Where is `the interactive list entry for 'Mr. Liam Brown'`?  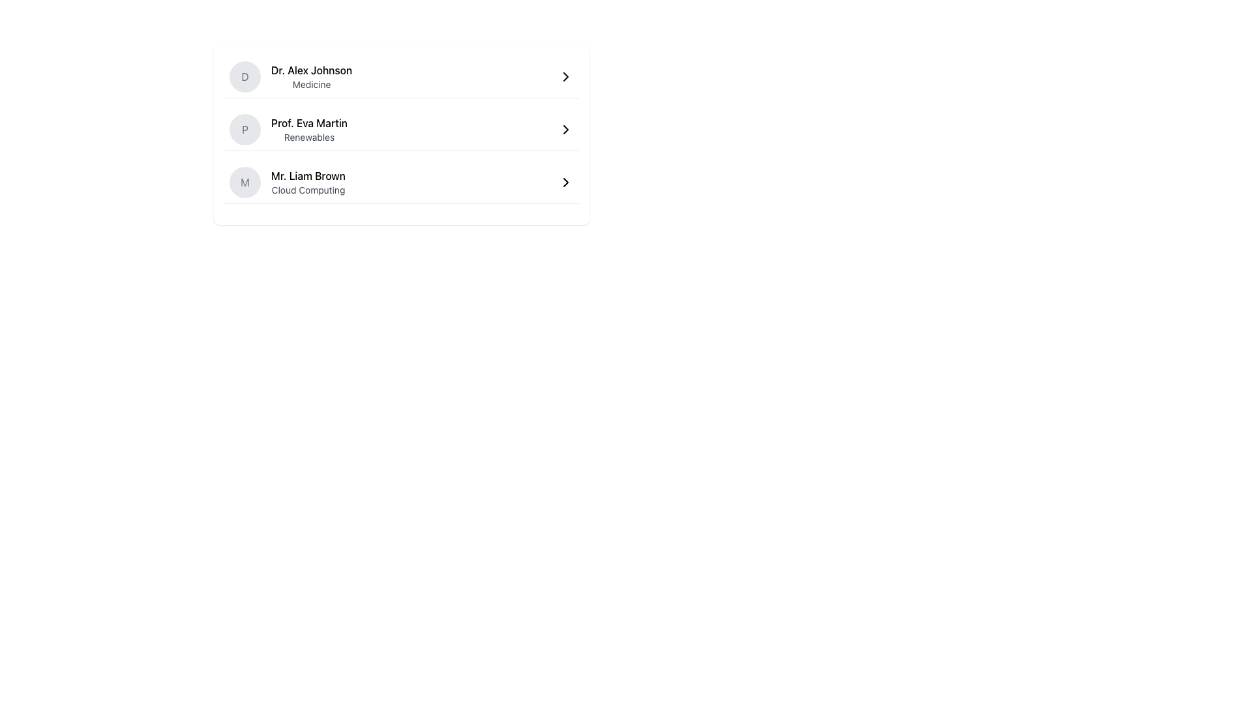 the interactive list entry for 'Mr. Liam Brown' is located at coordinates (400, 183).